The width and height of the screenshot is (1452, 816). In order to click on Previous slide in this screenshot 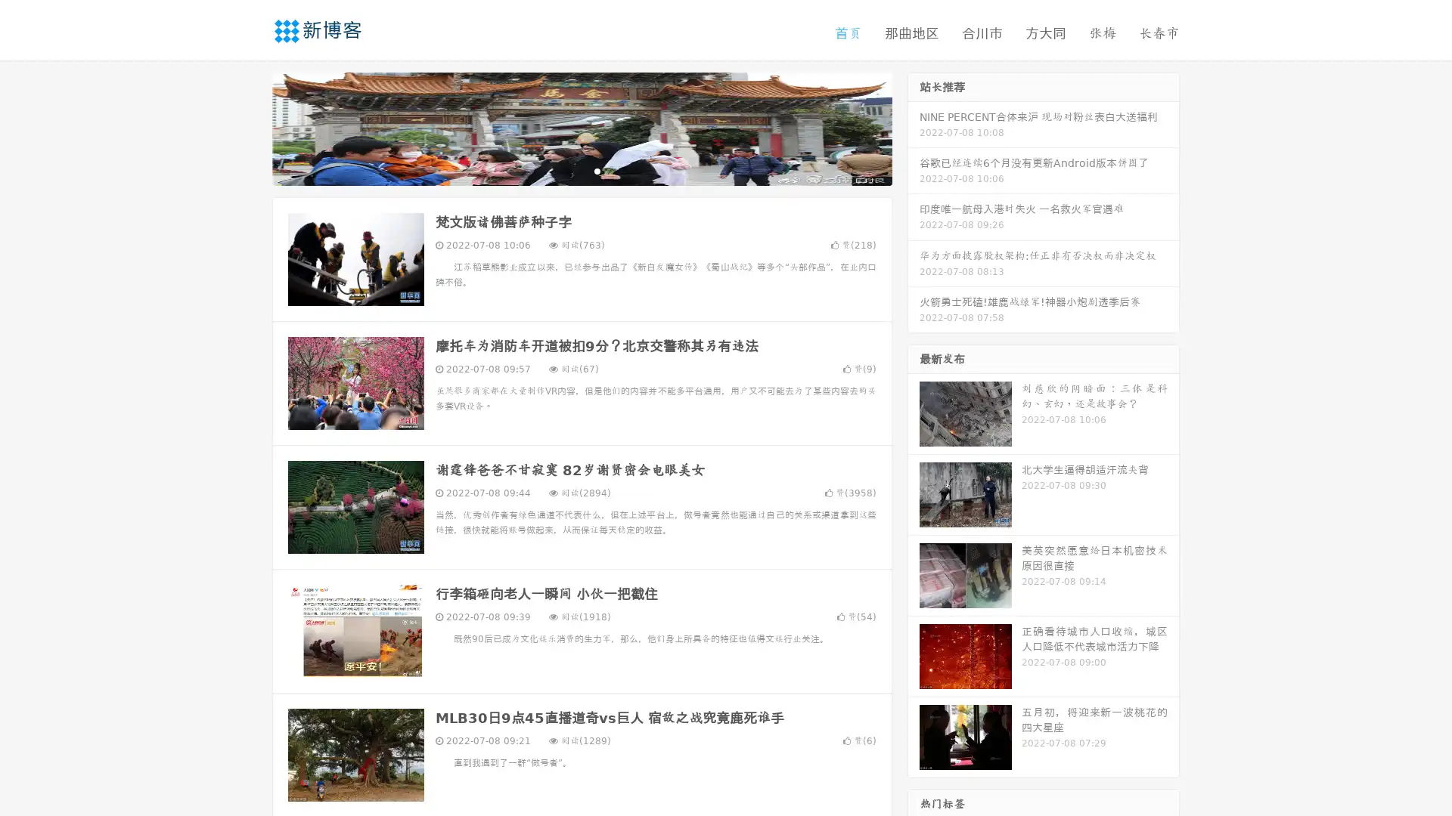, I will do `click(250, 127)`.